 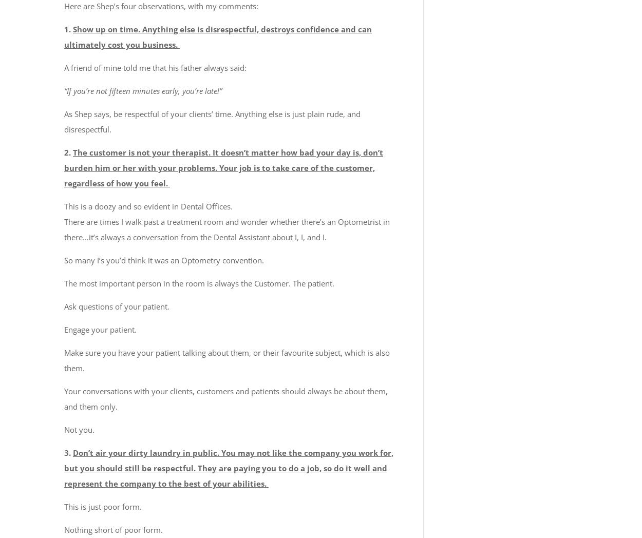 I want to click on 'This is just poor form.', so click(x=102, y=505).